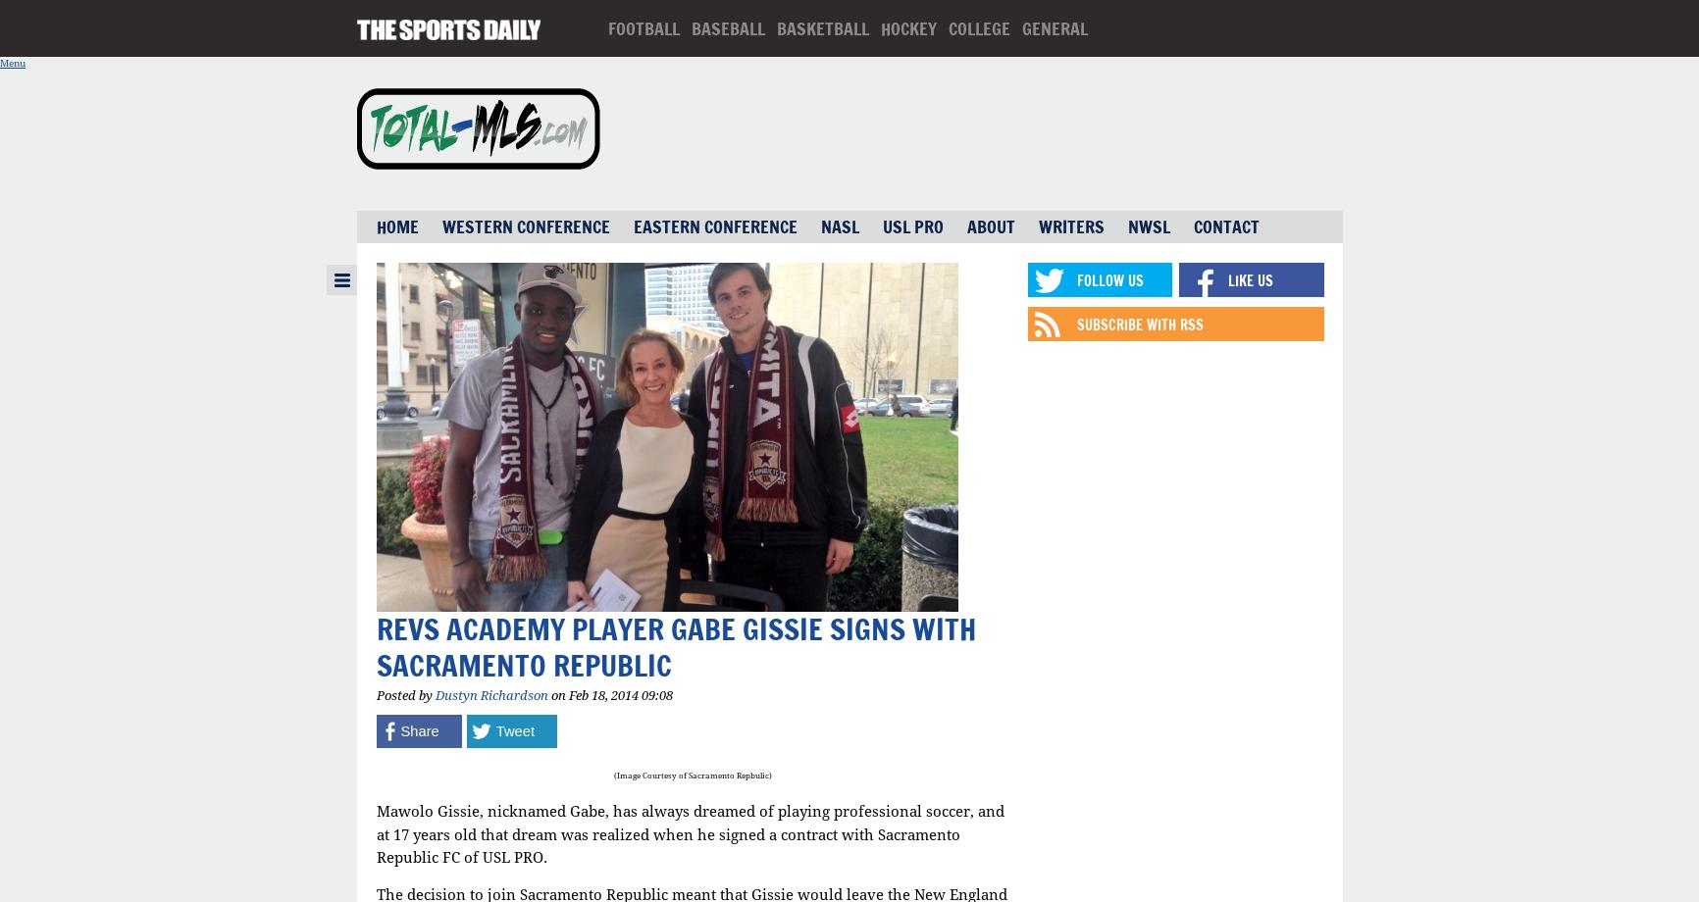 The height and width of the screenshot is (902, 1699). Describe the element at coordinates (395, 226) in the screenshot. I see `'Home'` at that location.